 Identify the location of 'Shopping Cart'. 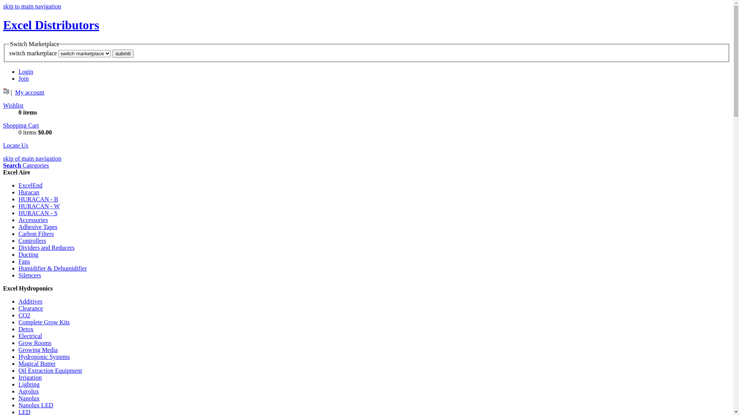
(21, 125).